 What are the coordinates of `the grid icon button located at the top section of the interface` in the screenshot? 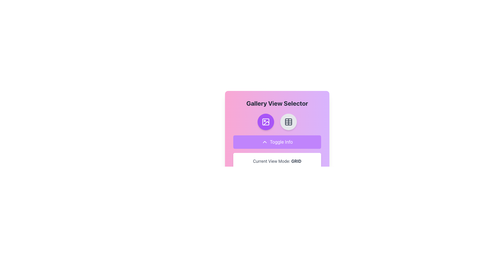 It's located at (288, 122).